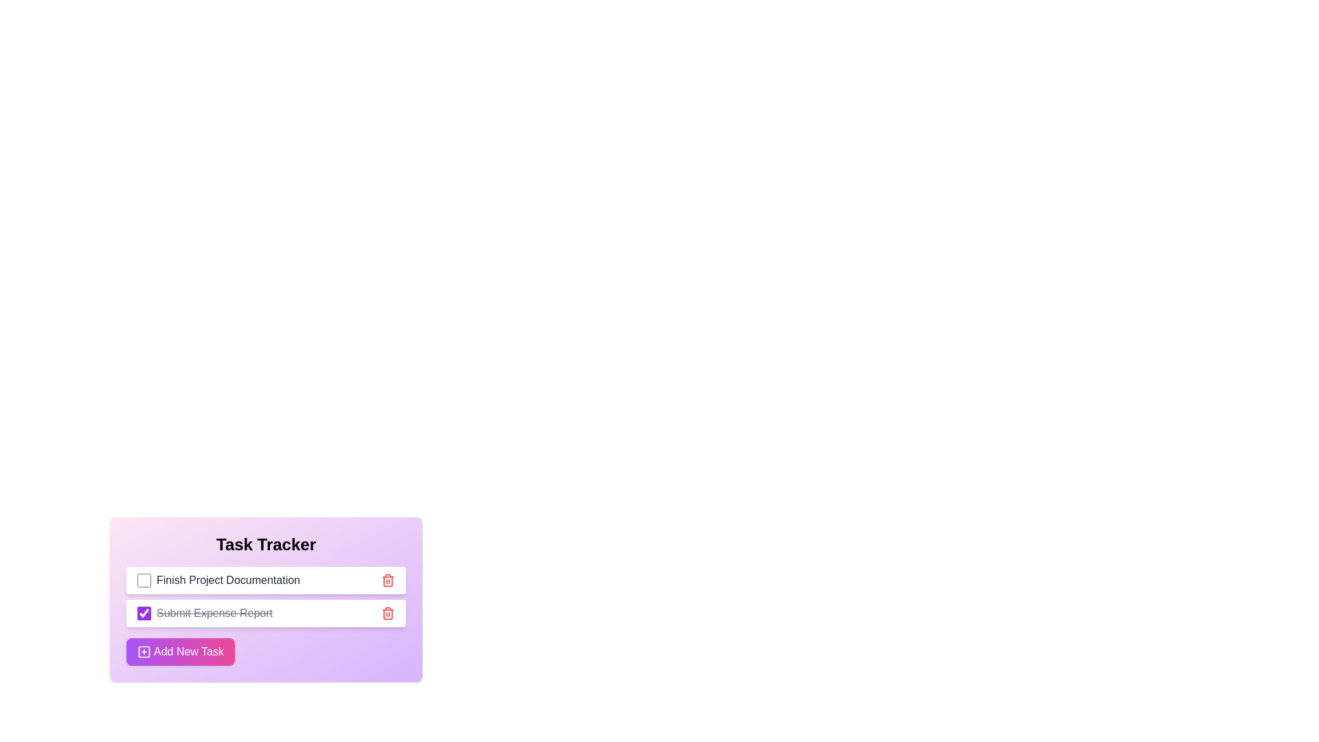  Describe the element at coordinates (218, 580) in the screenshot. I see `the checkbox or the text label 'Finish Project Documentation'` at that location.